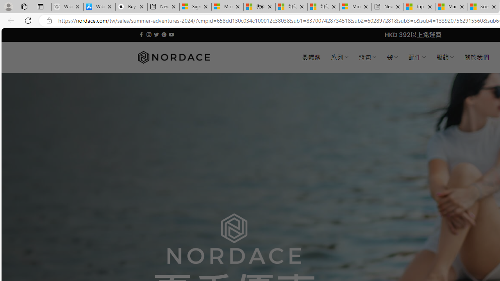 The width and height of the screenshot is (500, 281). I want to click on 'Top Stories - MSN', so click(419, 7).